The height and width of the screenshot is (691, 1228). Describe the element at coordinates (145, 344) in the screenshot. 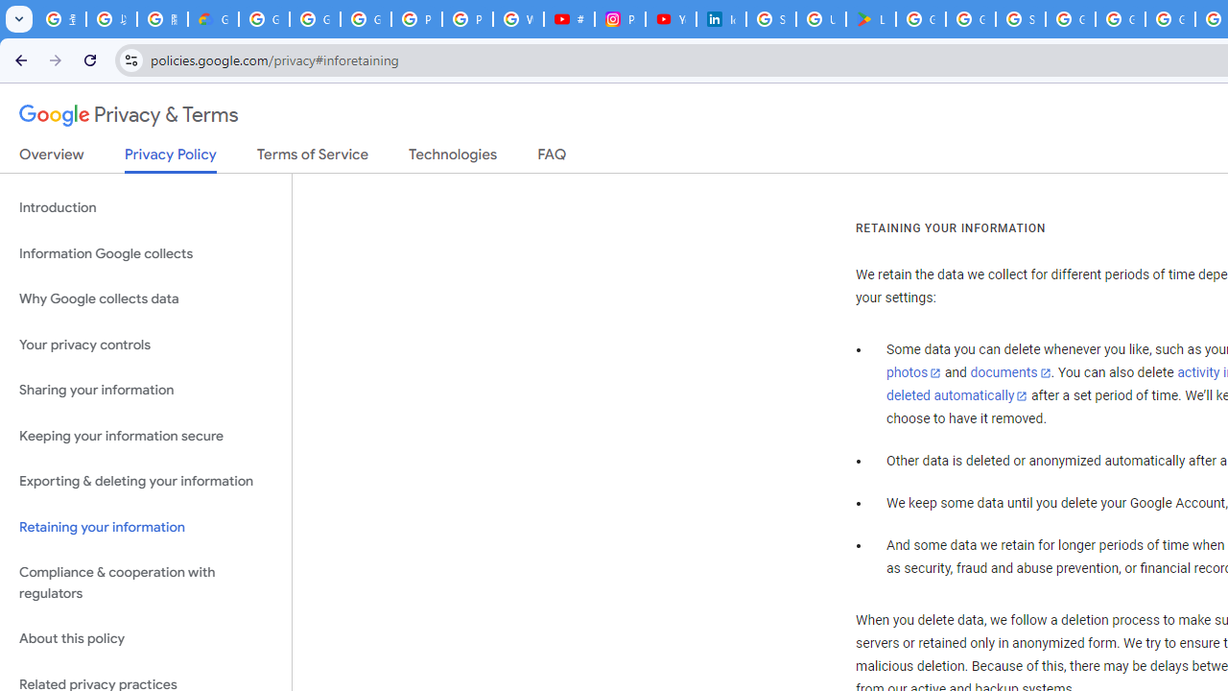

I see `'Your privacy controls'` at that location.